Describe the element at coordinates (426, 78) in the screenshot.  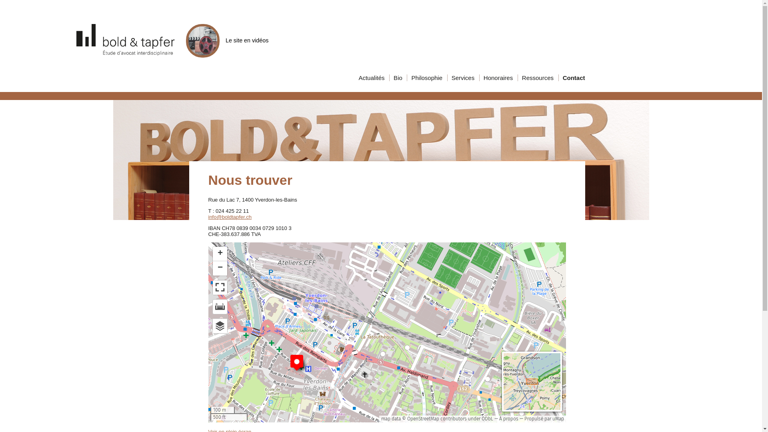
I see `'Philosophie'` at that location.